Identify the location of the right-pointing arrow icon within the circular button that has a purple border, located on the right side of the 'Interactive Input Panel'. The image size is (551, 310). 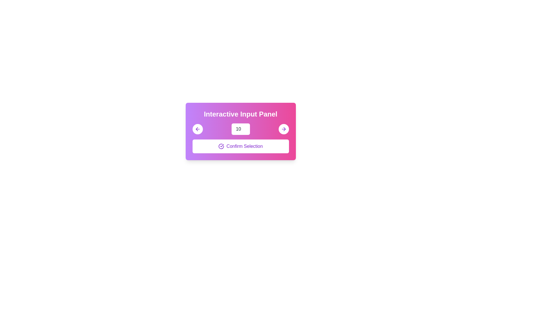
(284, 129).